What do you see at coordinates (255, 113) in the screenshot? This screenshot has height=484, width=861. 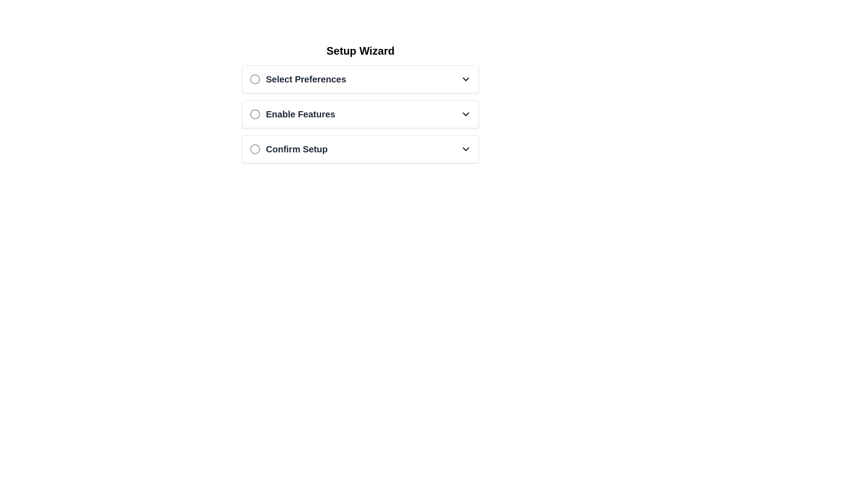 I see `the radio button positioned to the left of the text 'Enable Features' in the second row of a vertical list layout` at bounding box center [255, 113].